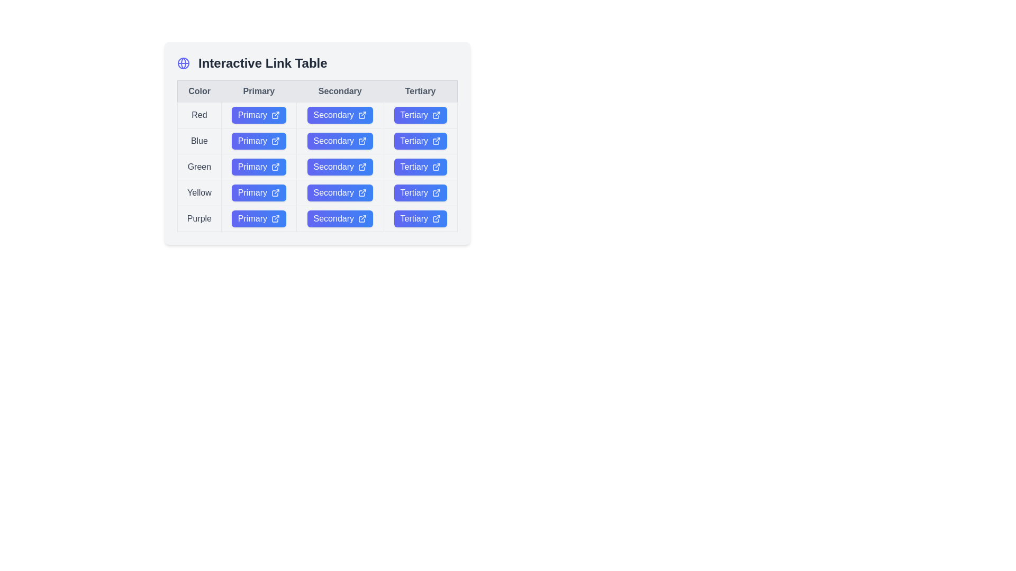  I want to click on the rectangular button labeled 'Tertiary' with rounded corners and a gradient from indigo to blue, so click(420, 140).